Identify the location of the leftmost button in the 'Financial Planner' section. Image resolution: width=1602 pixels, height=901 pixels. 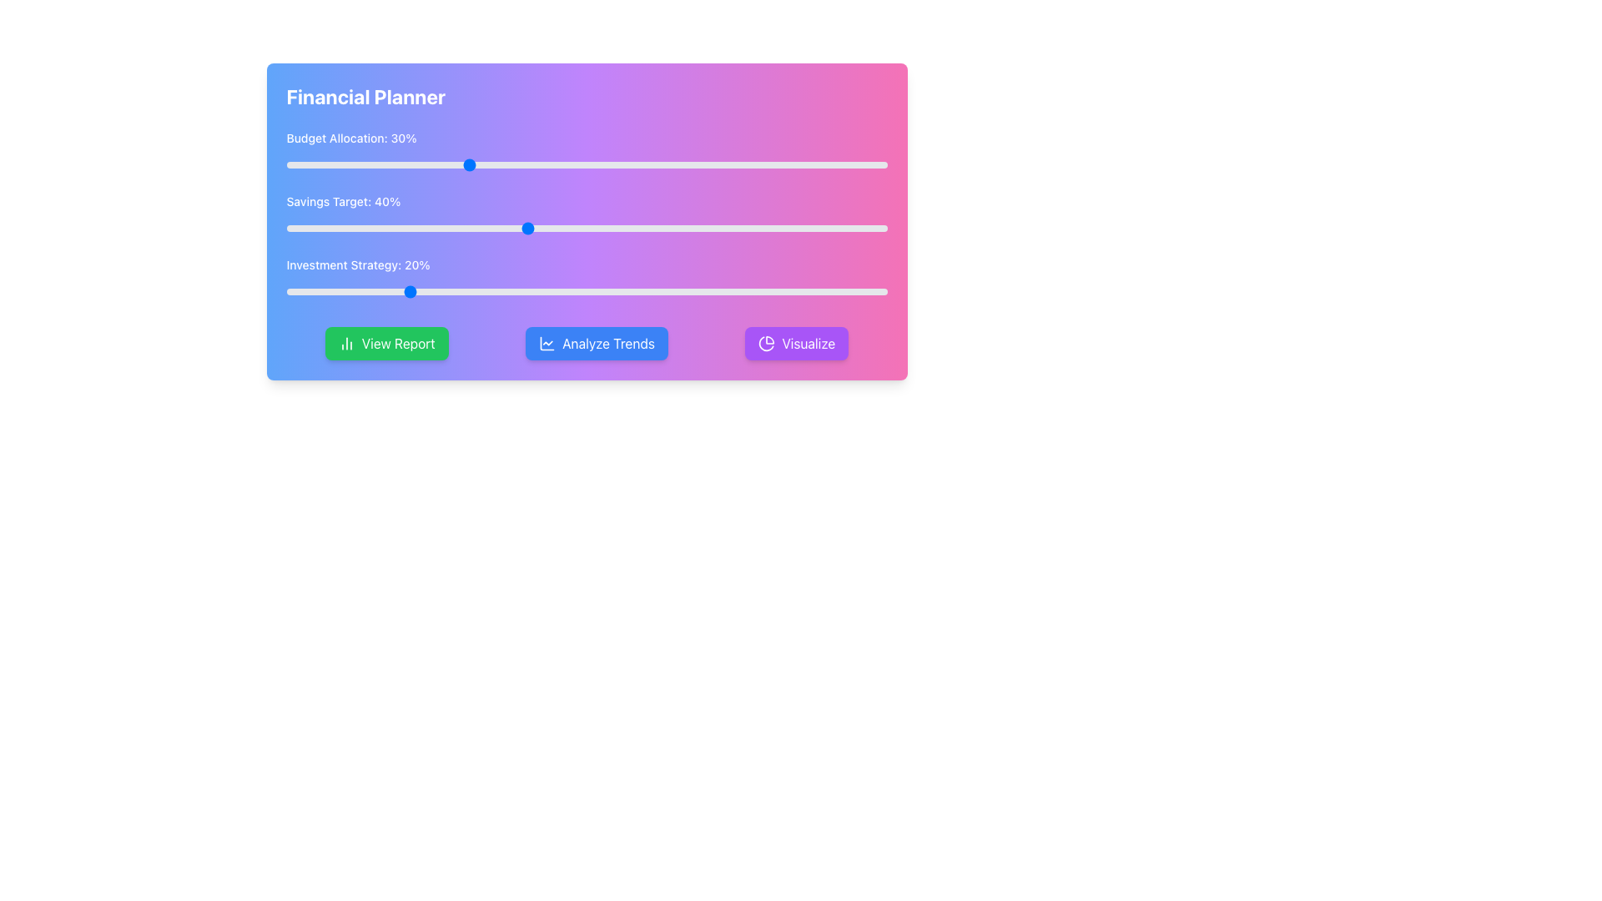
(385, 343).